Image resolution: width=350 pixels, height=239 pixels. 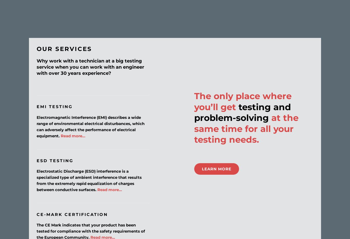 What do you see at coordinates (216, 168) in the screenshot?
I see `'LEARN MORE'` at bounding box center [216, 168].